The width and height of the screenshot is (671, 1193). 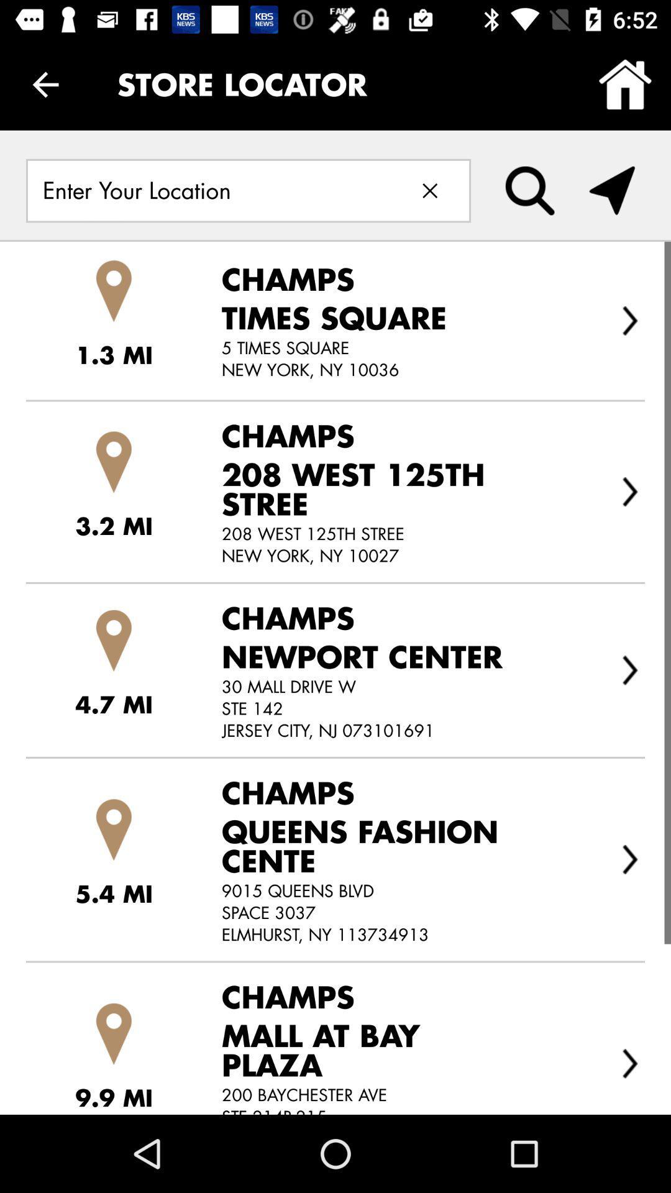 I want to click on the close icon, so click(x=429, y=190).